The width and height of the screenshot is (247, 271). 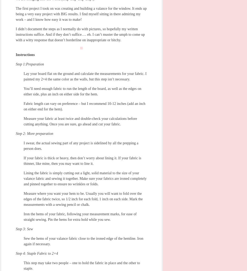 I want to click on 'Measure your fabric at least twice and double-check your calculations before cutting anything. Once you are sure, go ahead and cut your fabric.', so click(x=80, y=121).